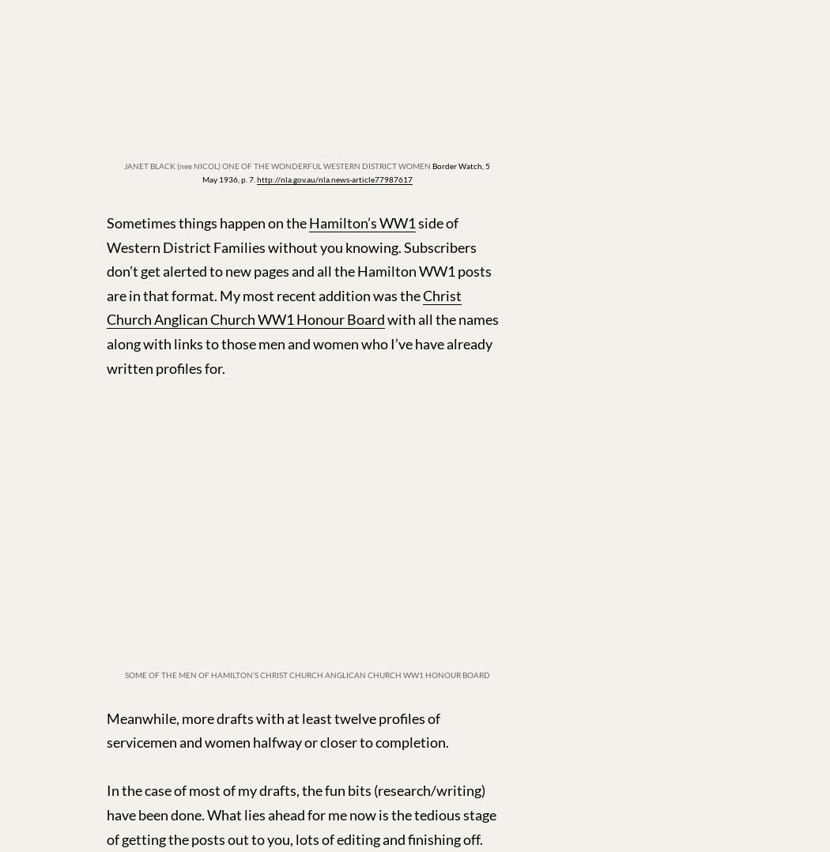 The image size is (830, 852). I want to click on 'Christ Church Anglican Church WW1 Honour Board', so click(283, 306).